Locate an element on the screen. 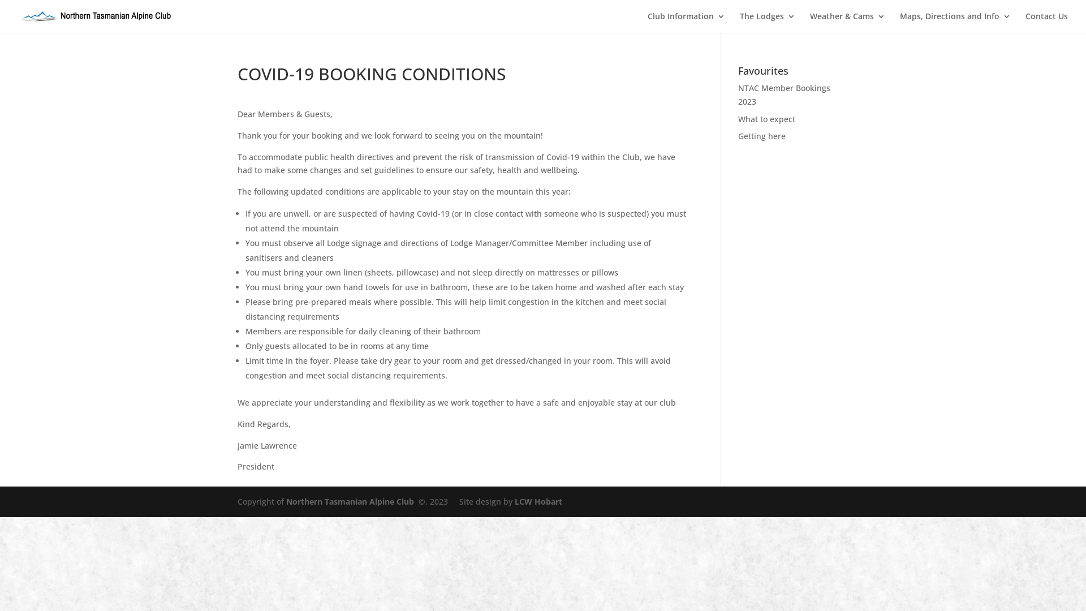 Image resolution: width=1086 pixels, height=611 pixels. 'The Lodges' is located at coordinates (768, 22).